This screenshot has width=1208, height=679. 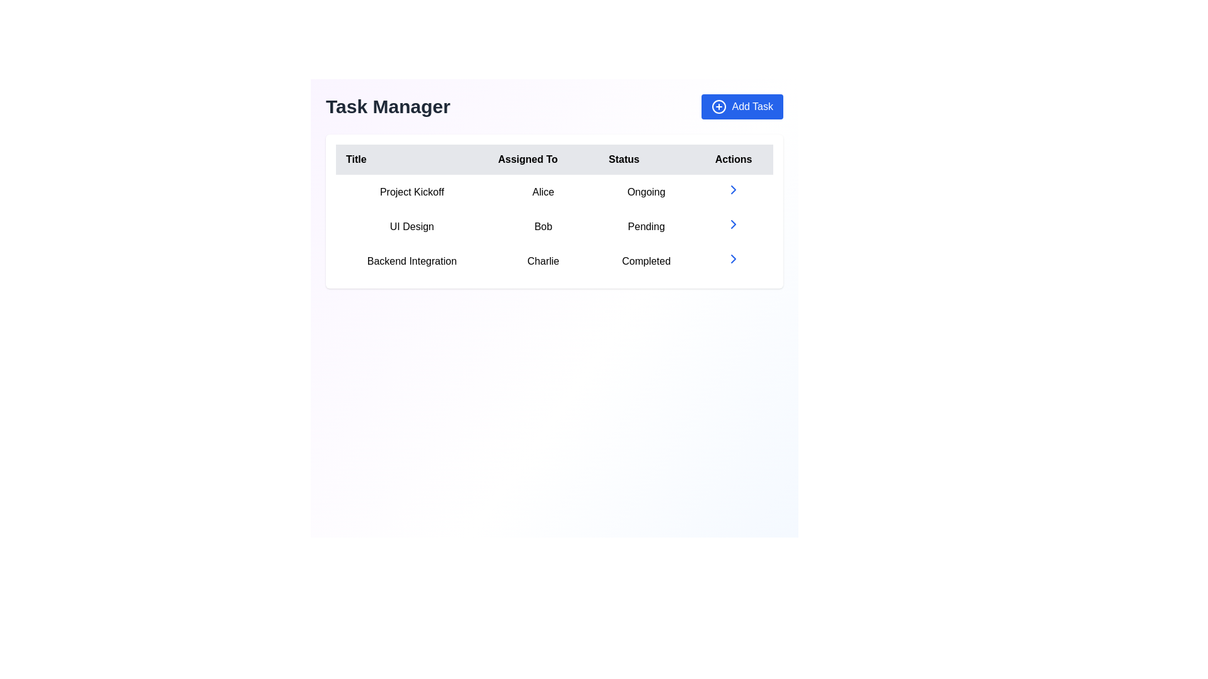 I want to click on the second row of the task table that displays 'UI Design', 'Bob', 'Pending', and a blue right arrow for actions, so click(x=554, y=226).